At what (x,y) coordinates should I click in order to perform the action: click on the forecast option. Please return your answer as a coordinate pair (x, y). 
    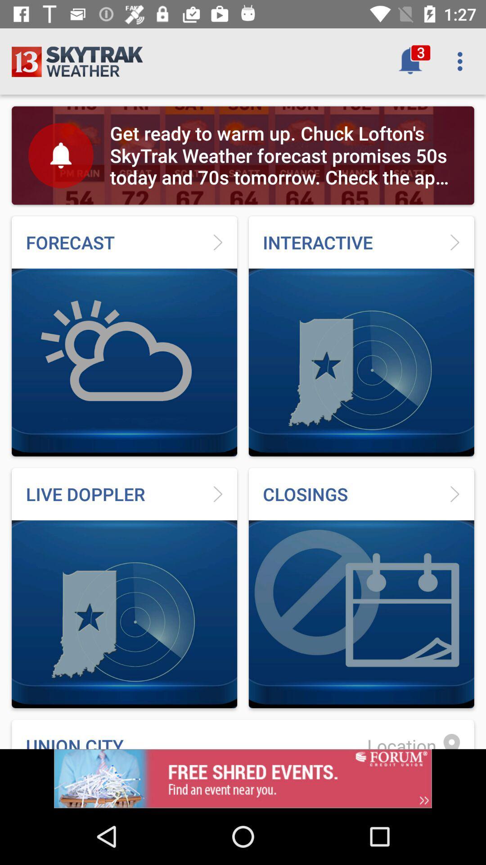
    Looking at the image, I should click on (124, 336).